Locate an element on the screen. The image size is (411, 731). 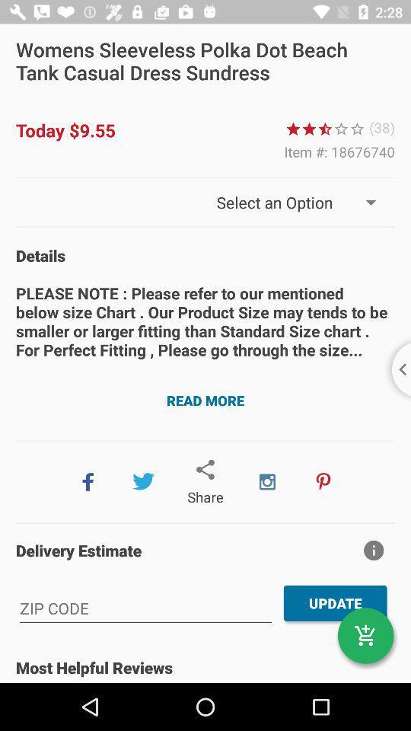
the text immediate below stars is located at coordinates (339, 152).